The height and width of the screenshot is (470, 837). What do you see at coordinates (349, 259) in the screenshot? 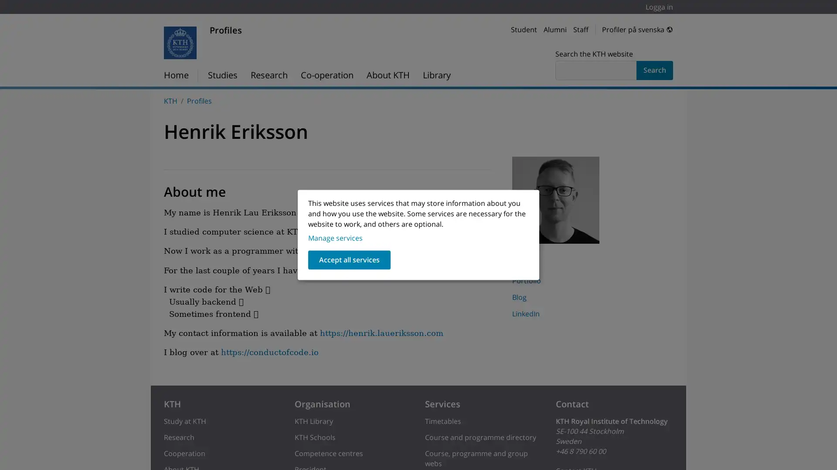
I see `Accept all services` at bounding box center [349, 259].